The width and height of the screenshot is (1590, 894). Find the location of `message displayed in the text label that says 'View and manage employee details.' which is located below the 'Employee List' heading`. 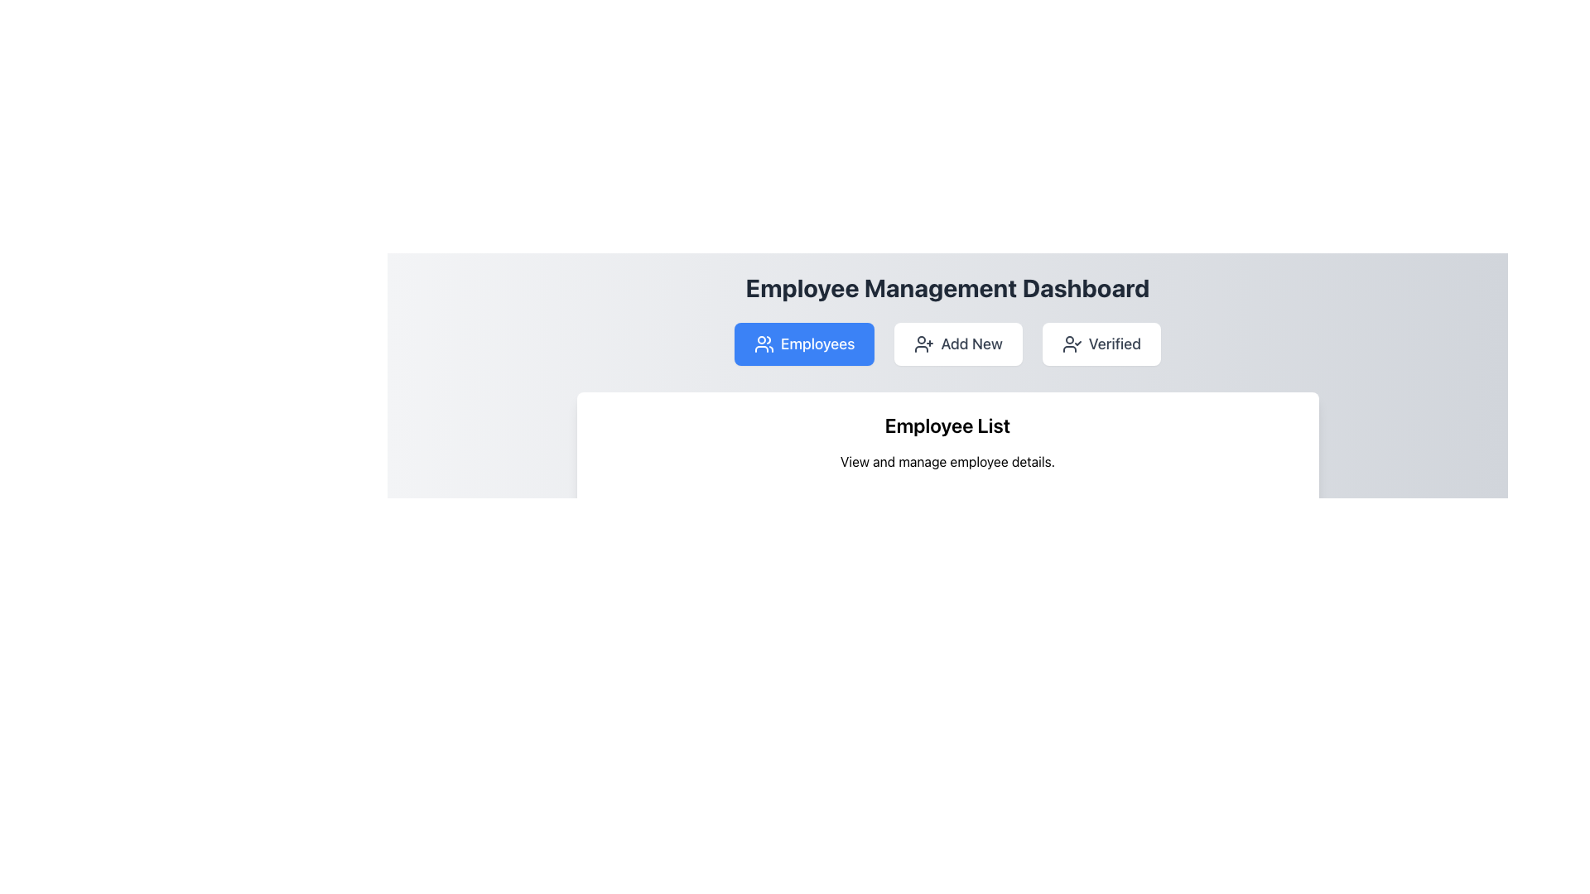

message displayed in the text label that says 'View and manage employee details.' which is located below the 'Employee List' heading is located at coordinates (947, 462).